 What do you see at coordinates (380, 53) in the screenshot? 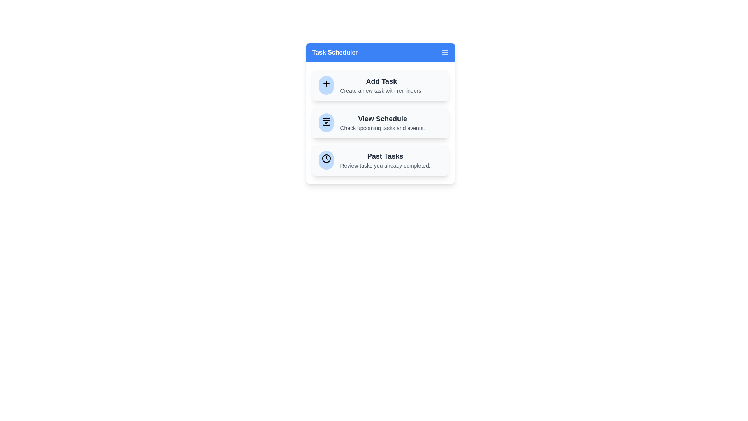
I see `the header button to toggle the menu visibility` at bounding box center [380, 53].